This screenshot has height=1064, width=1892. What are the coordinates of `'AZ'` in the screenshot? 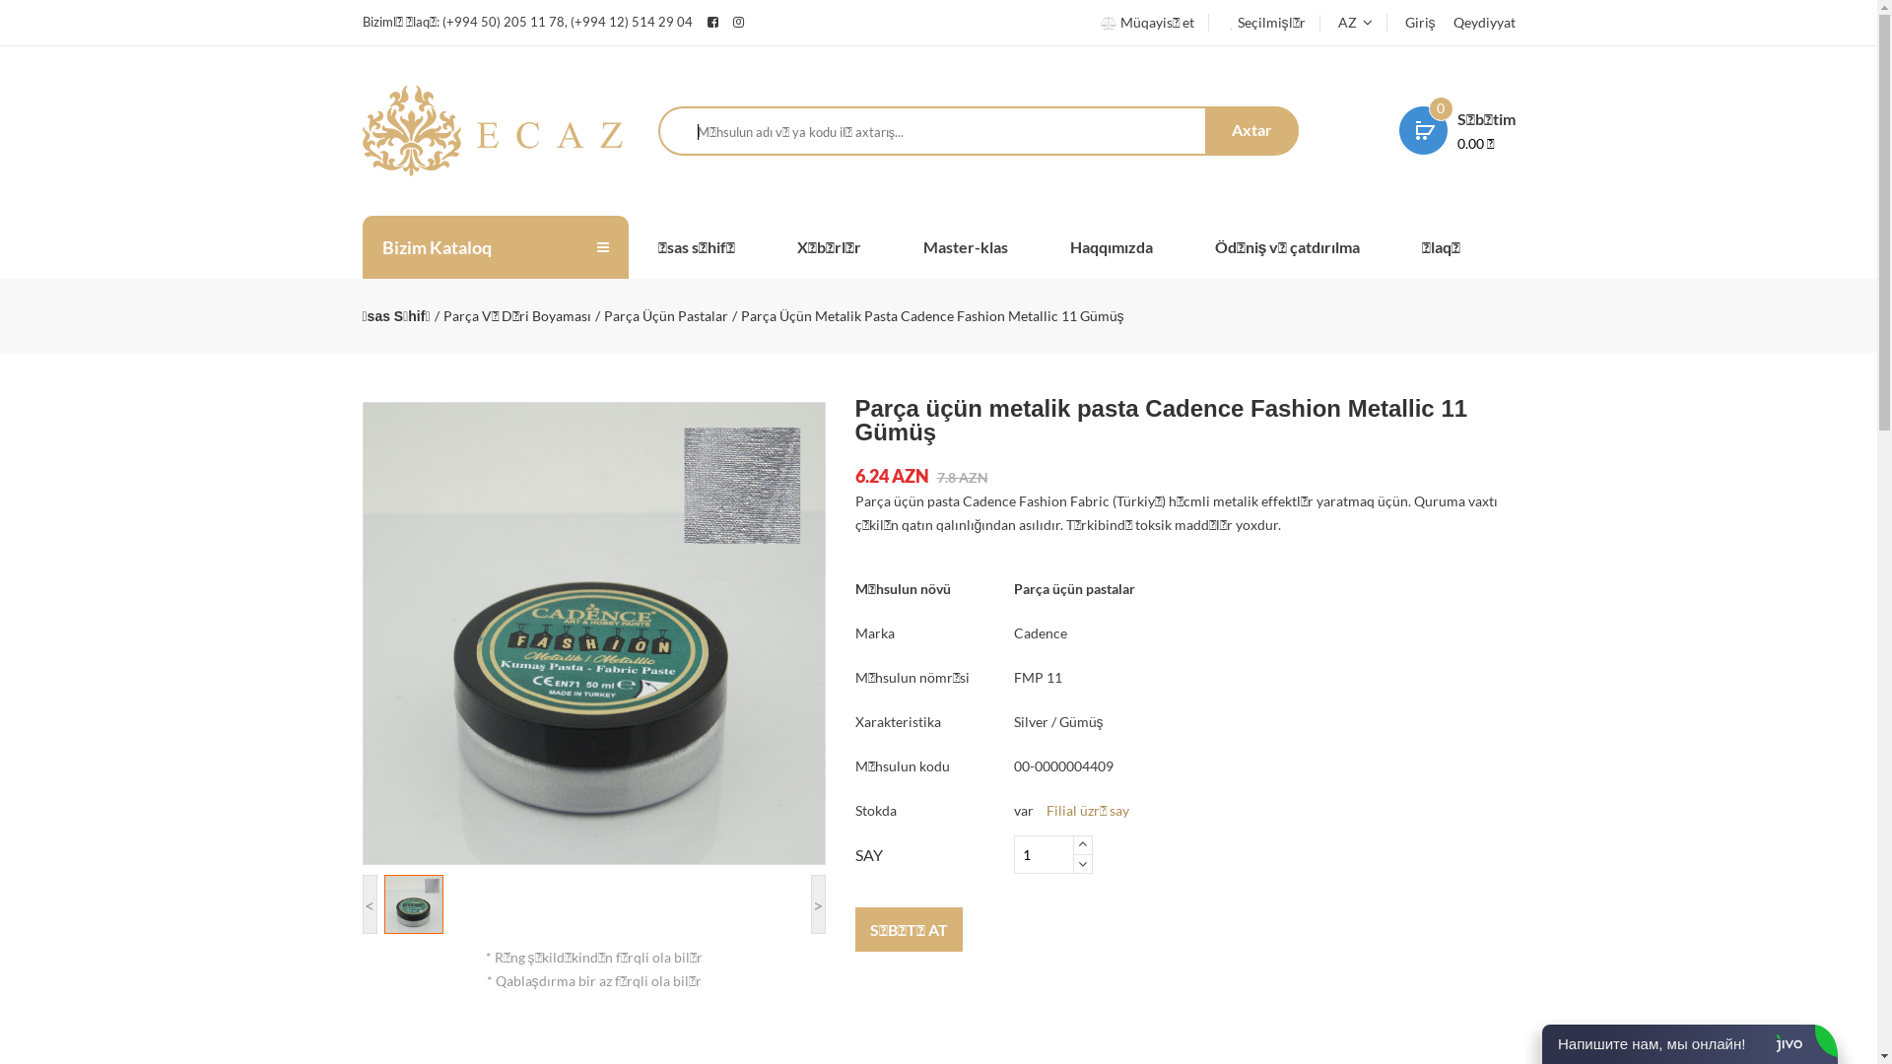 It's located at (1353, 22).